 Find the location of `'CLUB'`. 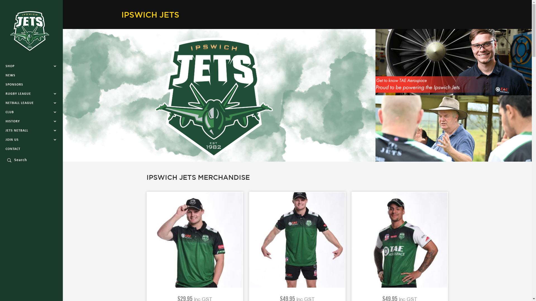

'CLUB' is located at coordinates (31, 112).